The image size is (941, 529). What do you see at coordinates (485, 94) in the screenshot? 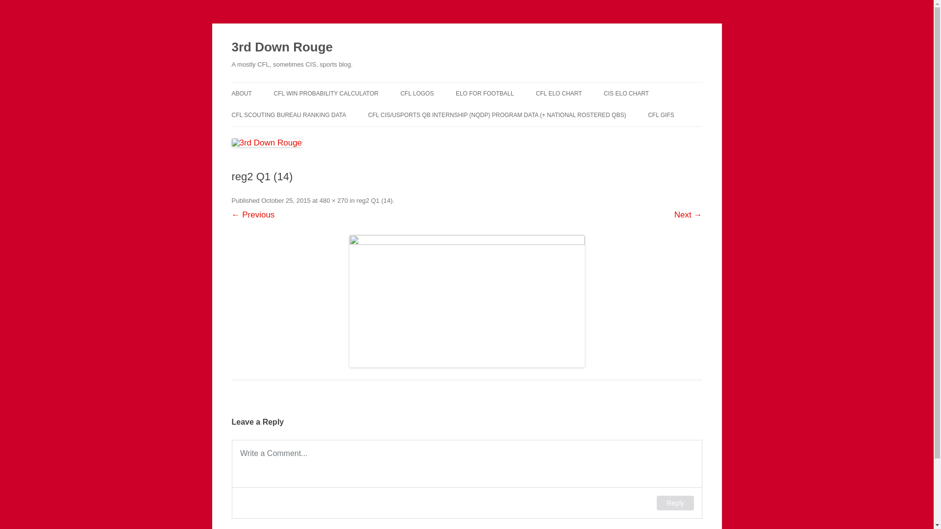
I see `'ELO FOR FOOTBALL'` at bounding box center [485, 94].